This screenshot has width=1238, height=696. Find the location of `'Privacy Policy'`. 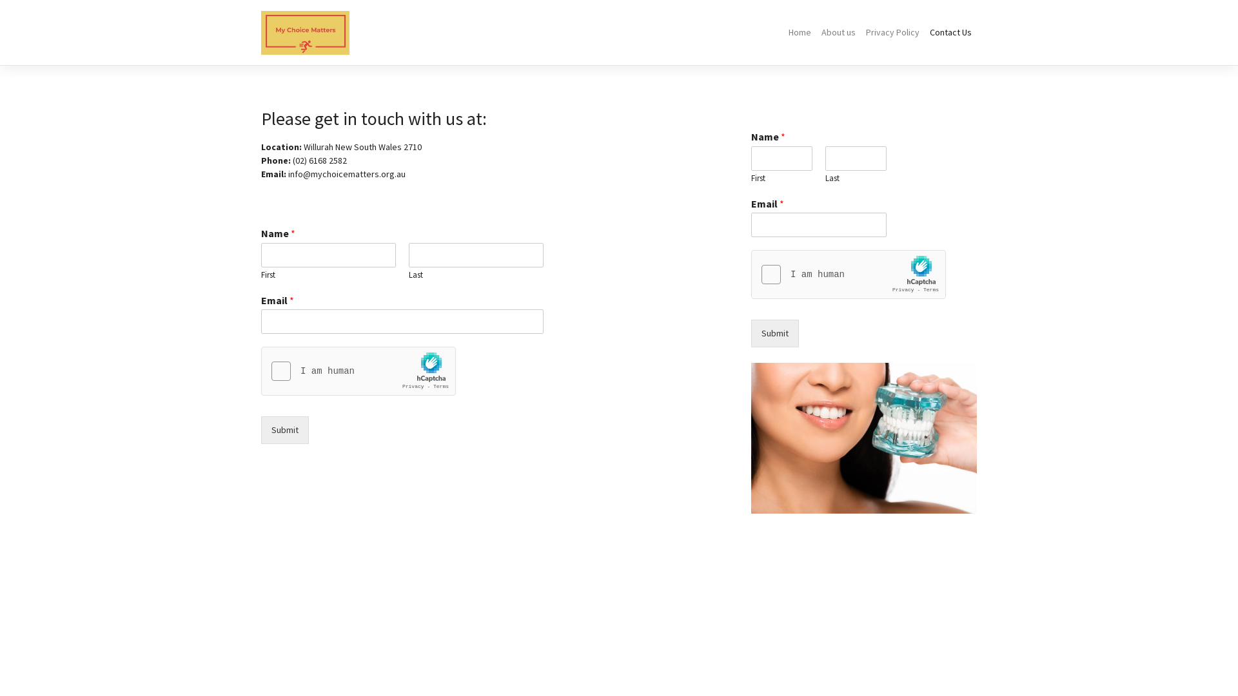

'Privacy Policy' is located at coordinates (892, 32).